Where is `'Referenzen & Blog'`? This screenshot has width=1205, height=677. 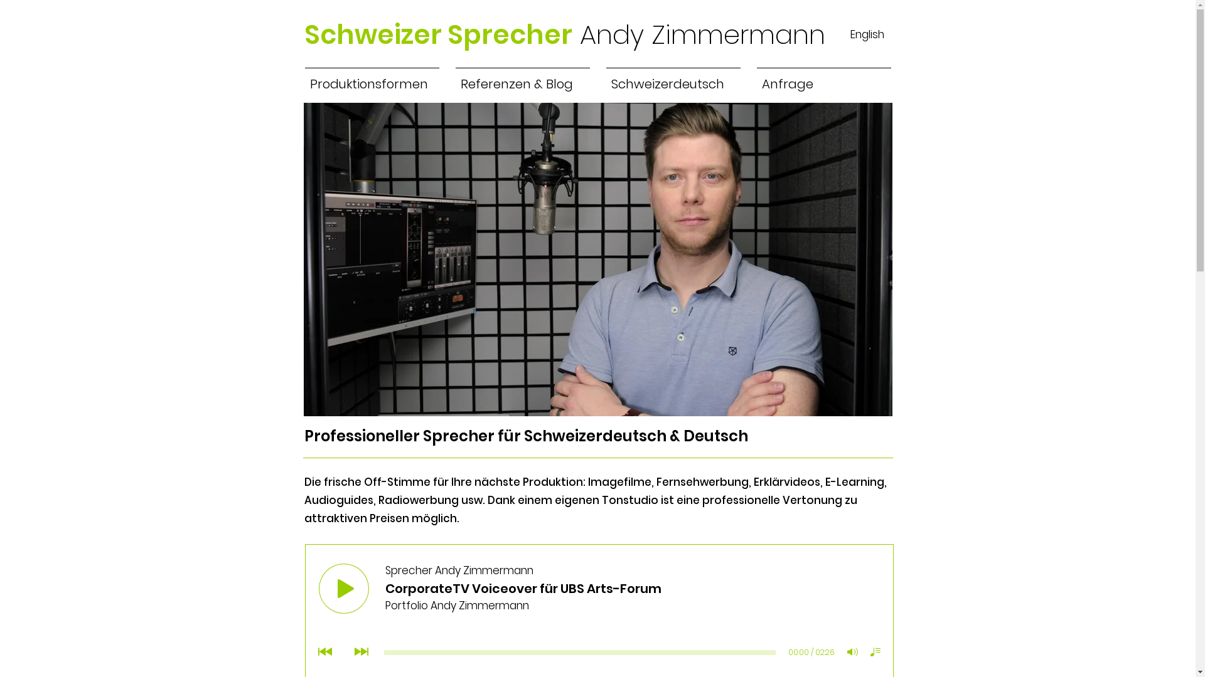
'Referenzen & Blog' is located at coordinates (522, 78).